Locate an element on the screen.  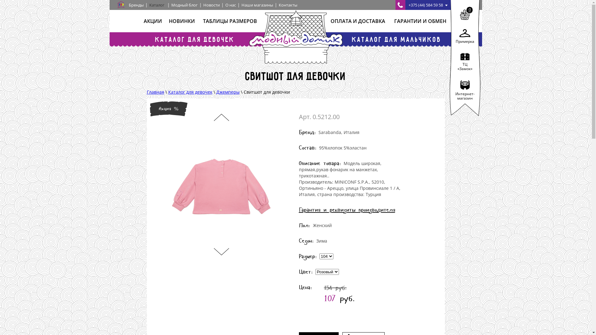
'+375 (44) 584 59 58' is located at coordinates (423, 5).